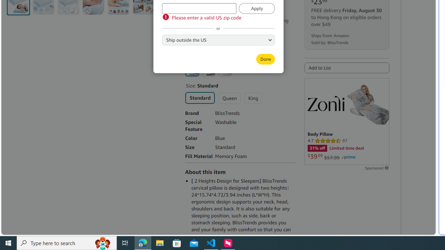  I want to click on 'Standard', so click(199, 98).